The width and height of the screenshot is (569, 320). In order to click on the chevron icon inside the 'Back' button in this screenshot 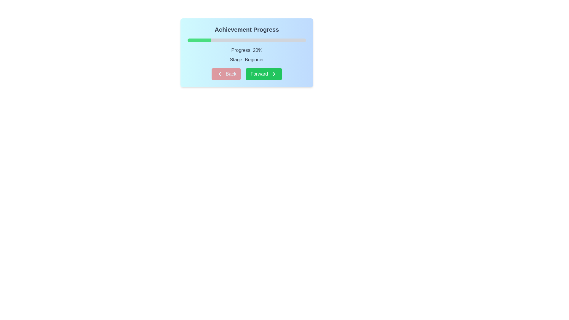, I will do `click(219, 74)`.